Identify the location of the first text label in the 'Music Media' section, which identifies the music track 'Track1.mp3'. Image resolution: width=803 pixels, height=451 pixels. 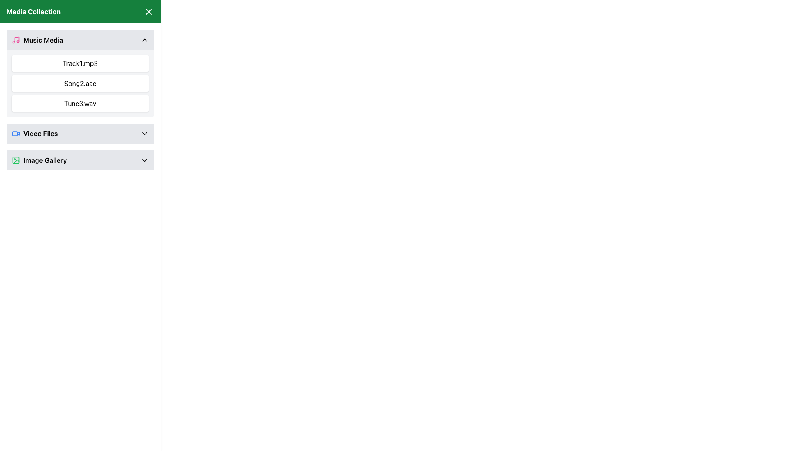
(80, 63).